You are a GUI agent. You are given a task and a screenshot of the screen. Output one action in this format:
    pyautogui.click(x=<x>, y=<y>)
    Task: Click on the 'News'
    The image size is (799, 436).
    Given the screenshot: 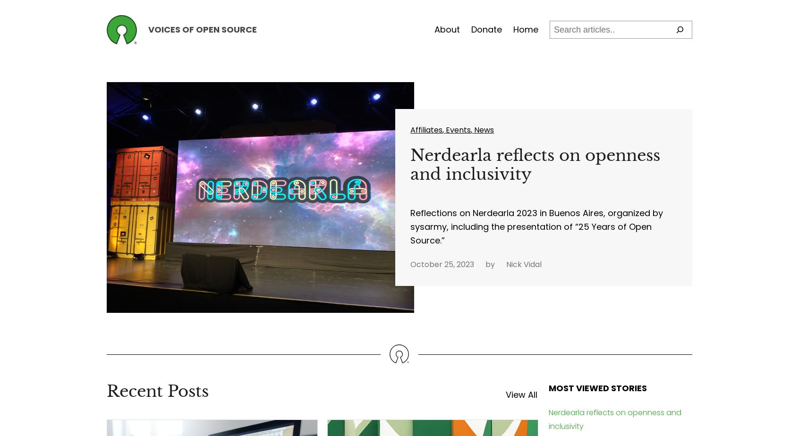 What is the action you would take?
    pyautogui.click(x=484, y=129)
    